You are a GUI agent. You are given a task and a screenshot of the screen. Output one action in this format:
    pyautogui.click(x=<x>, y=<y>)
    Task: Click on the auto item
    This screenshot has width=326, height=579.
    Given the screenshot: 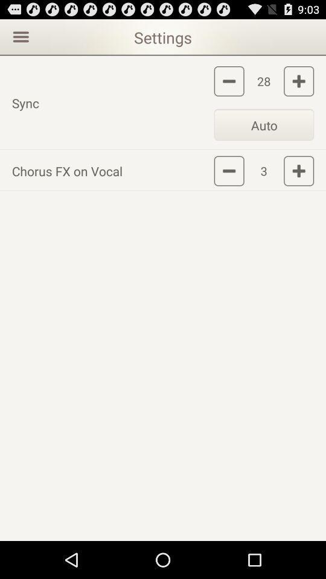 What is the action you would take?
    pyautogui.click(x=263, y=124)
    